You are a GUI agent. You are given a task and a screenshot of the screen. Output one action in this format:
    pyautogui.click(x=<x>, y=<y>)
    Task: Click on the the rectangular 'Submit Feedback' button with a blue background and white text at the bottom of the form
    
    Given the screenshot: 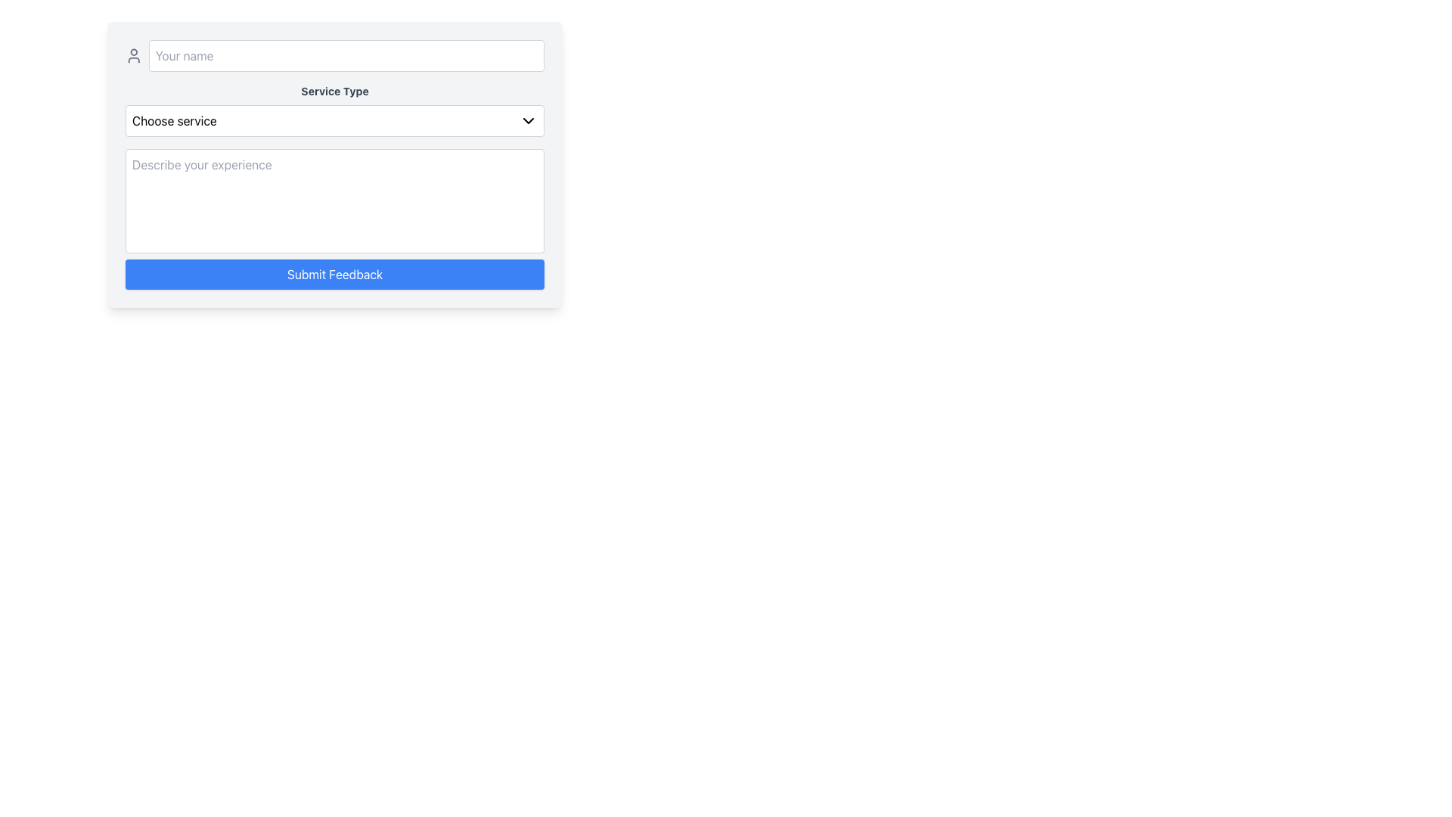 What is the action you would take?
    pyautogui.click(x=334, y=274)
    